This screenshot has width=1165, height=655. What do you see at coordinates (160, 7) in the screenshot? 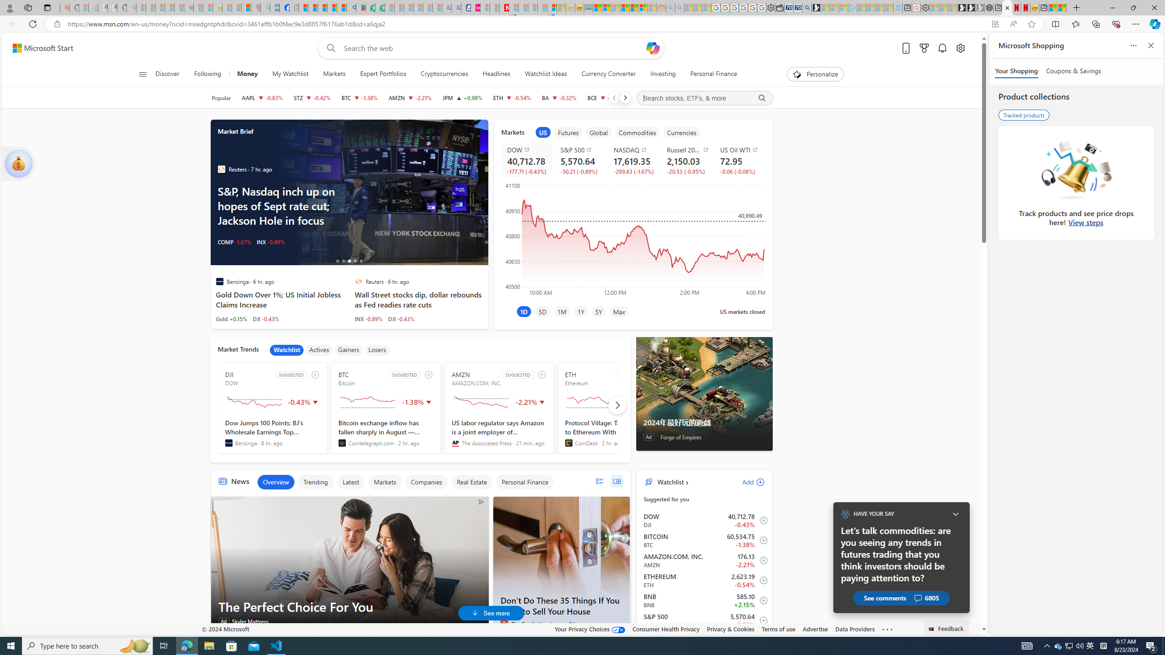
I see `'The Weather Channel - MSN - Sleeping'` at bounding box center [160, 7].